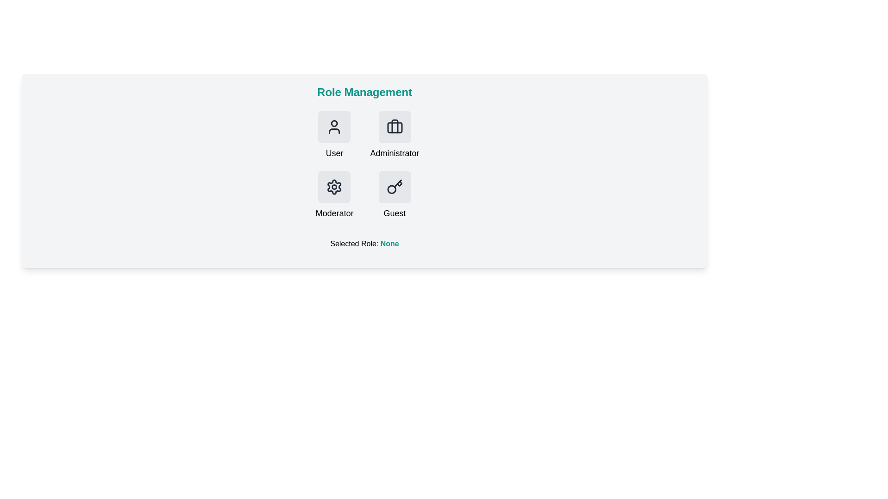  What do you see at coordinates (391, 189) in the screenshot?
I see `the circular graphic element within the 'key' icon representing the 'Guest' role in the Role Management interface` at bounding box center [391, 189].